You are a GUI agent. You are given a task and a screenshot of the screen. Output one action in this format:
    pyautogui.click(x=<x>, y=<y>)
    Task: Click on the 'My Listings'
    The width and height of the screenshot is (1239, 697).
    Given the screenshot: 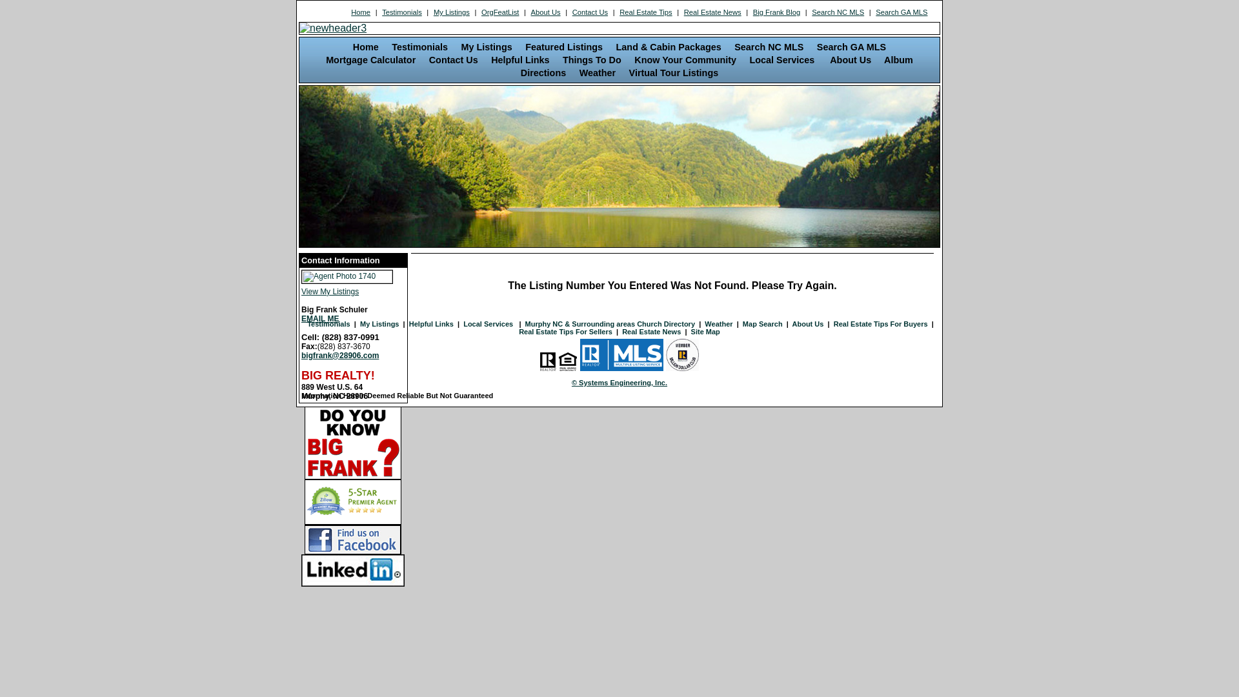 What is the action you would take?
    pyautogui.click(x=379, y=323)
    